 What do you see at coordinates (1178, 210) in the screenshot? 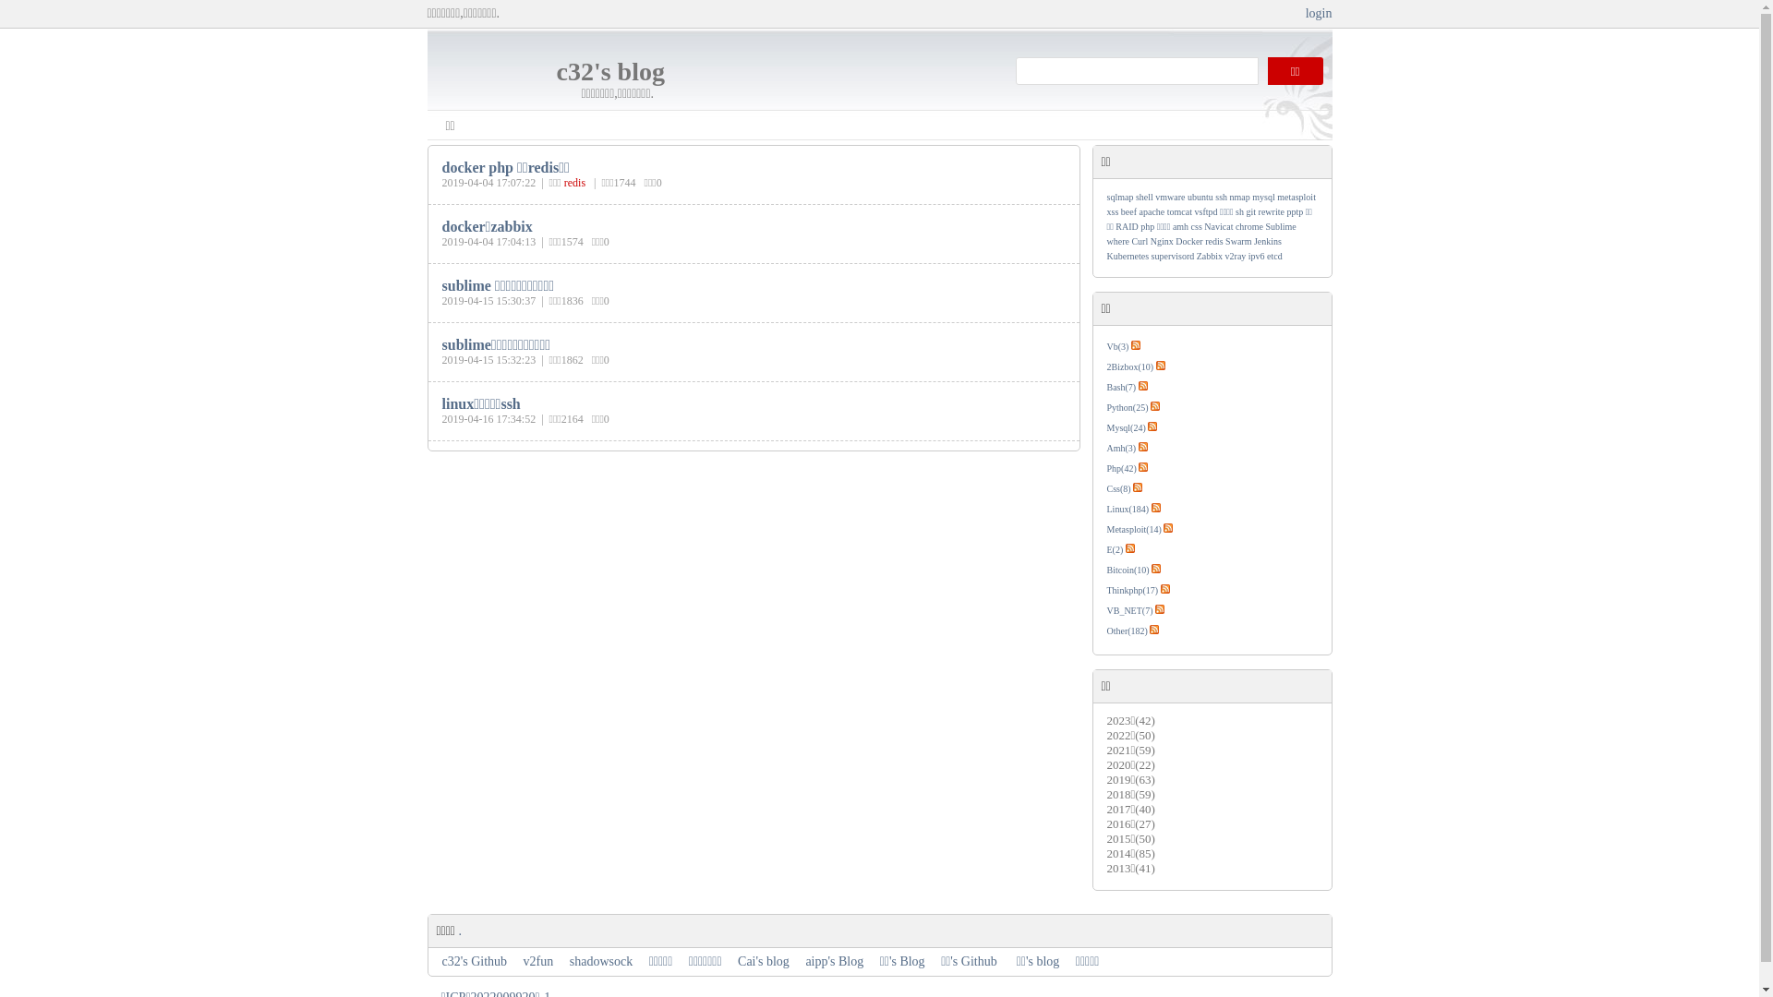
I see `'tomcat'` at bounding box center [1178, 210].